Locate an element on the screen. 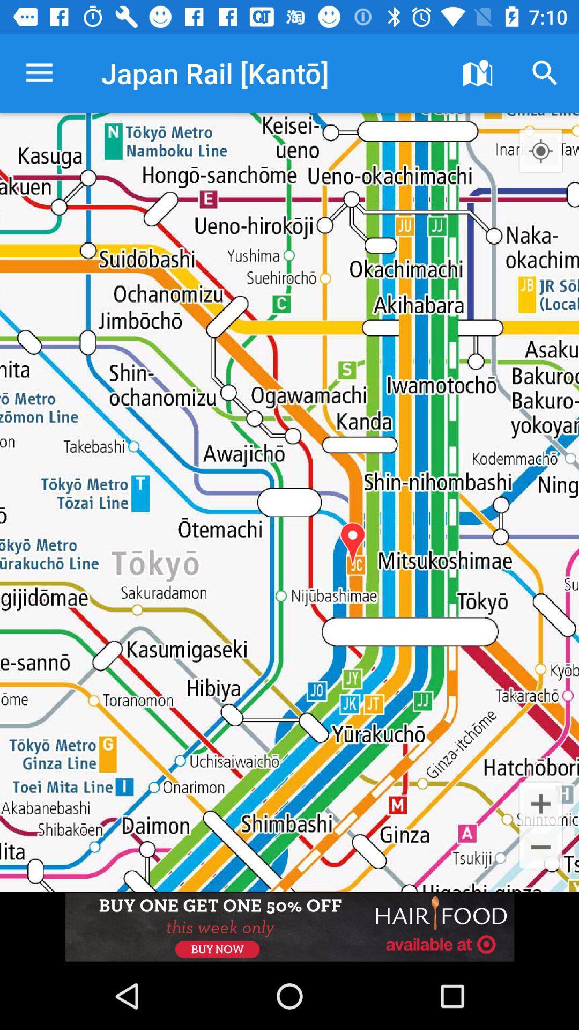  the add icon is located at coordinates (540, 803).